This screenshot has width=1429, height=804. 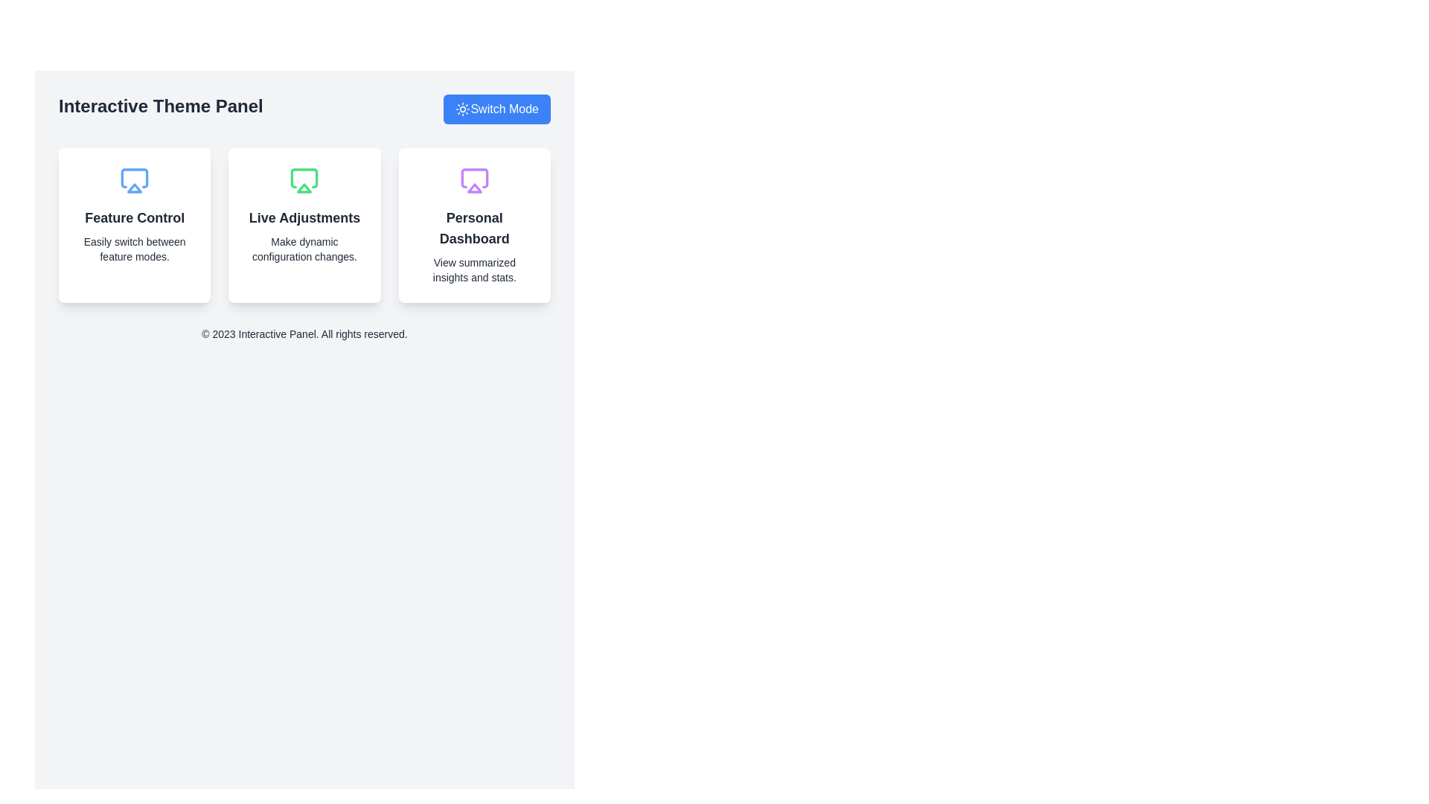 I want to click on text label providing supplementary information under the main title in the 'Personal Dashboard' card, which is centrally aligned at the bottom of the card, so click(x=473, y=269).